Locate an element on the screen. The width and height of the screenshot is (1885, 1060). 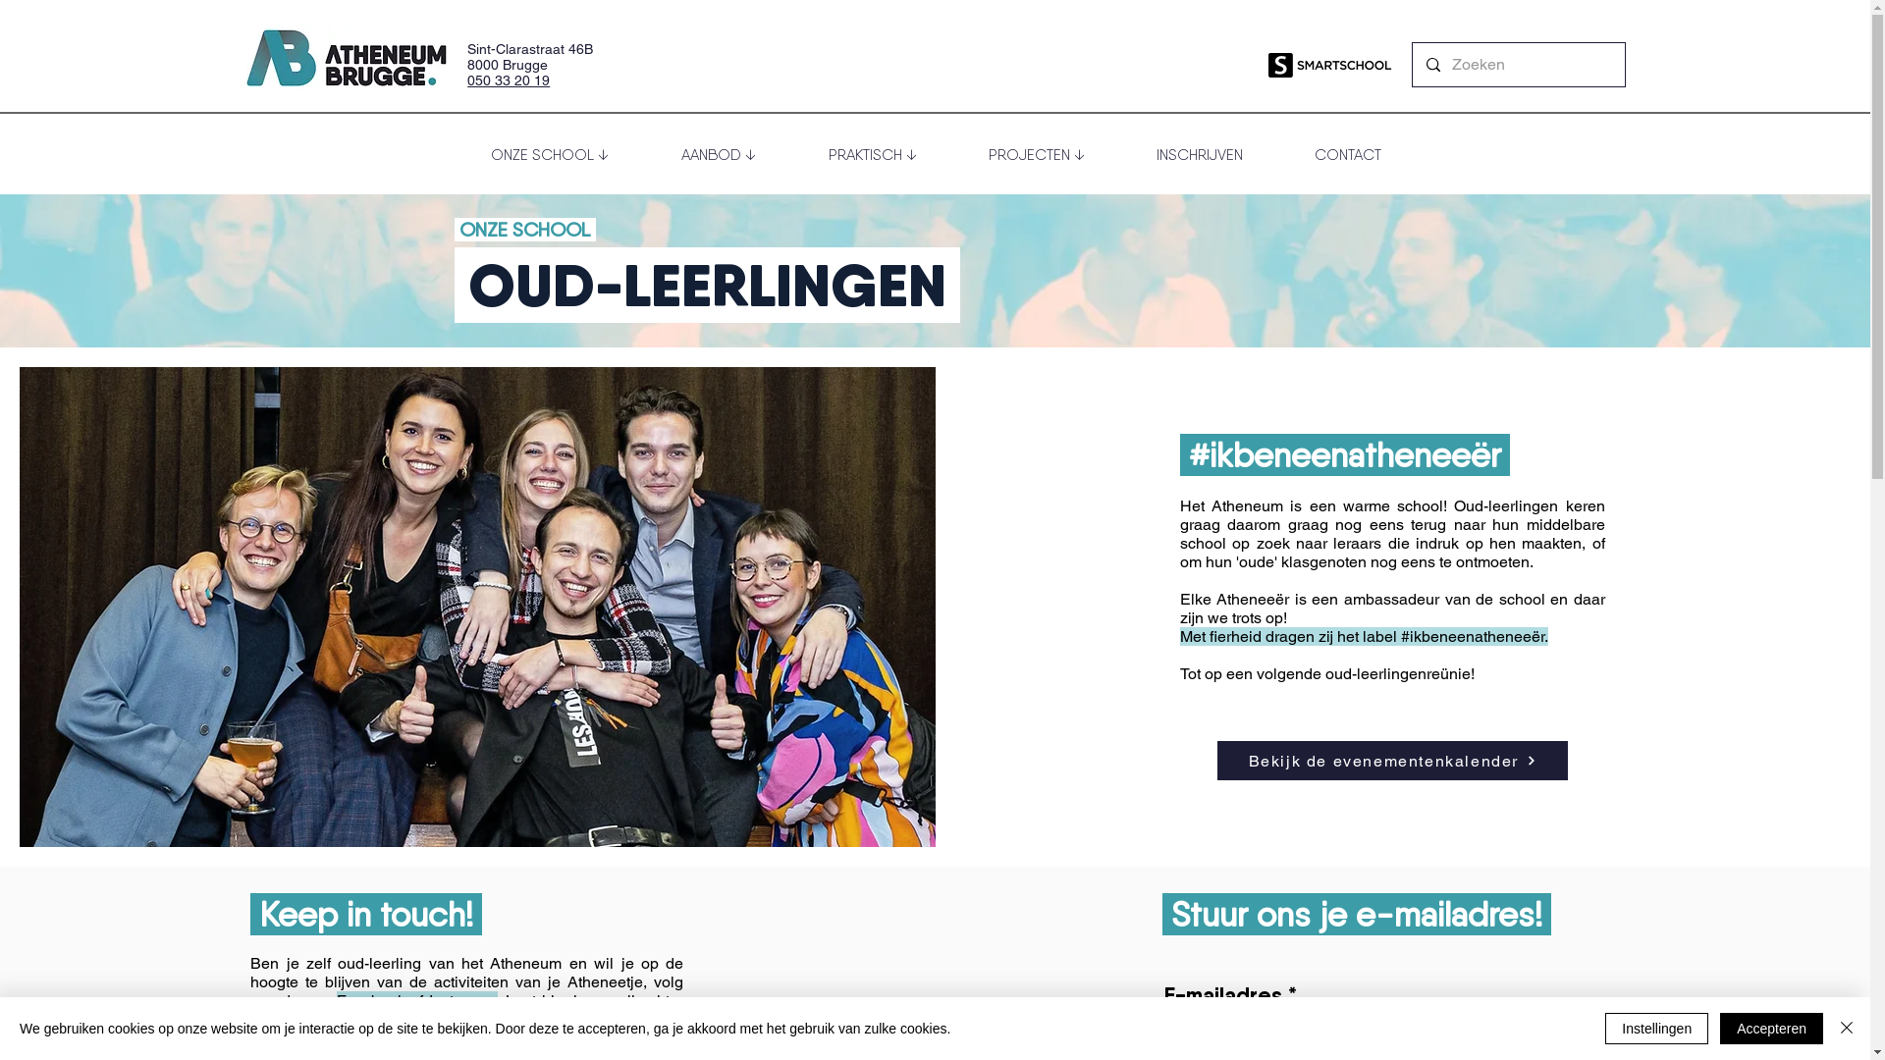
'Bekijk de evenementenkalender' is located at coordinates (1391, 760).